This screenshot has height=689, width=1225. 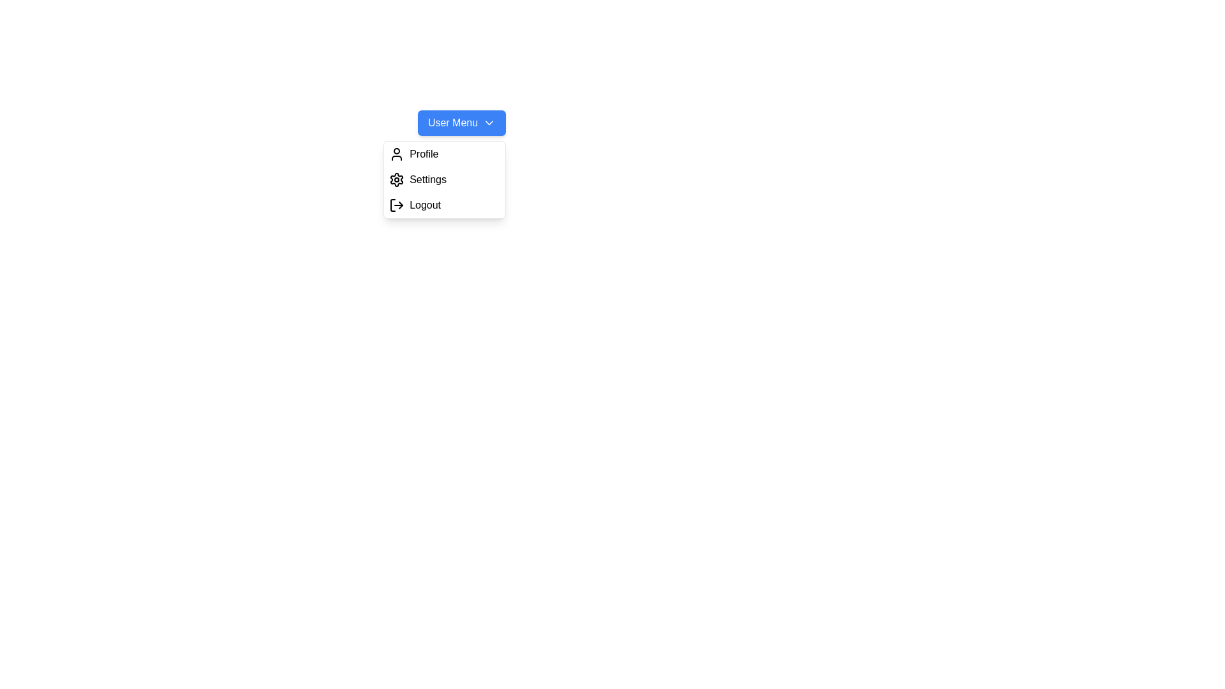 What do you see at coordinates (489, 122) in the screenshot?
I see `the downward-pointing chevron icon located at the rightmost end of the 'User Menu' button` at bounding box center [489, 122].